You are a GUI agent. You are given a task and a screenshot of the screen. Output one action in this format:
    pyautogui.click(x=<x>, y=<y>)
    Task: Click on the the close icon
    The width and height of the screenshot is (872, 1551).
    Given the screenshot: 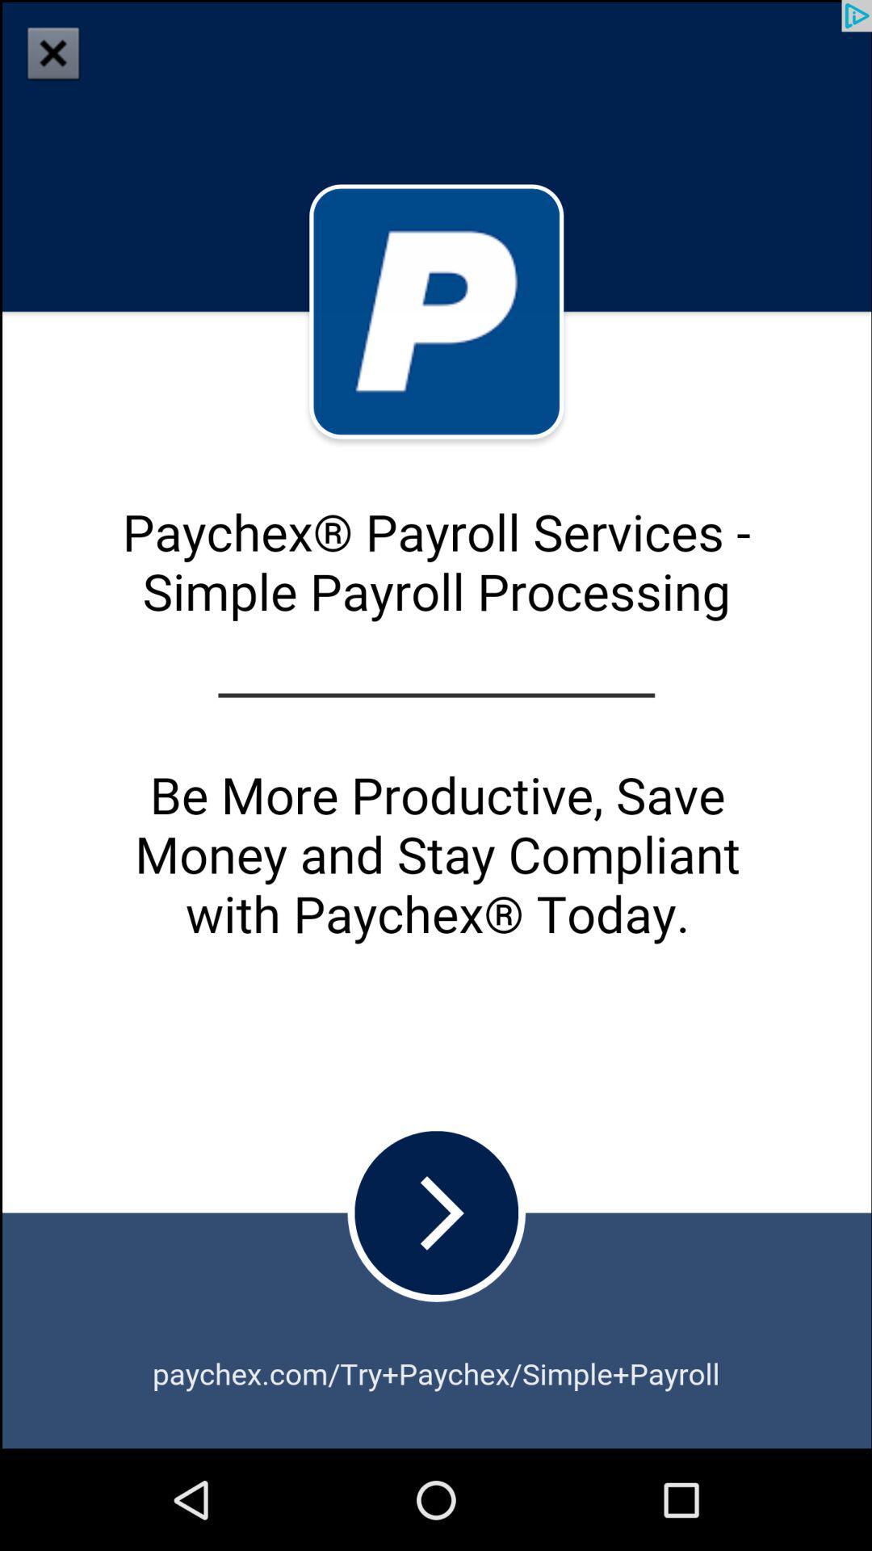 What is the action you would take?
    pyautogui.click(x=52, y=57)
    